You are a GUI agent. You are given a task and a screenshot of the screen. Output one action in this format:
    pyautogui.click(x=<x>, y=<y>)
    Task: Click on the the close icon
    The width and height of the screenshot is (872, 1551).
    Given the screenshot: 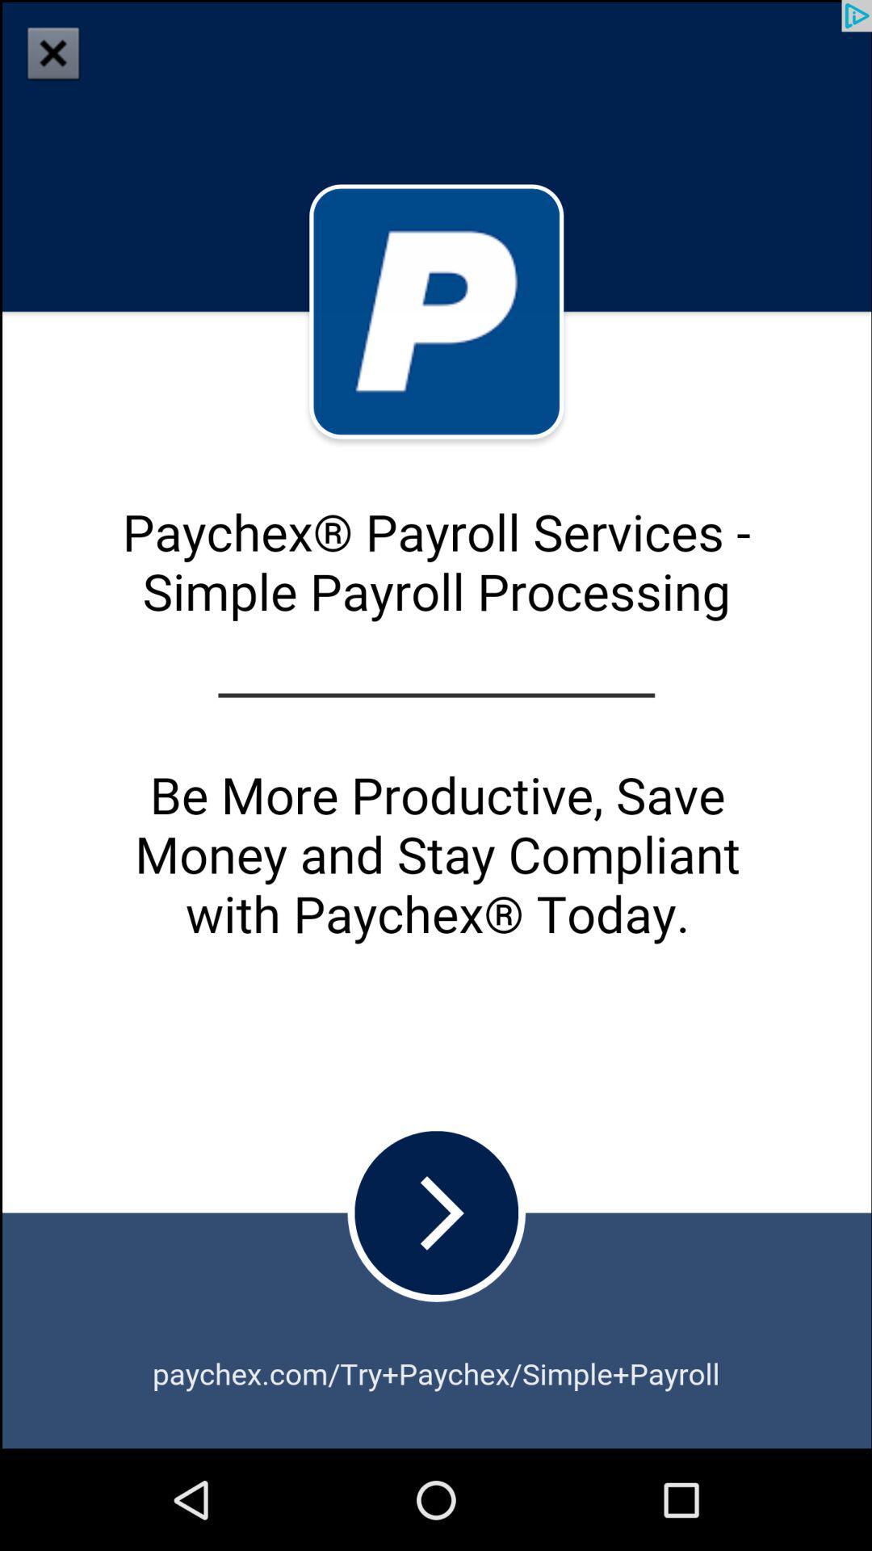 What is the action you would take?
    pyautogui.click(x=52, y=57)
    